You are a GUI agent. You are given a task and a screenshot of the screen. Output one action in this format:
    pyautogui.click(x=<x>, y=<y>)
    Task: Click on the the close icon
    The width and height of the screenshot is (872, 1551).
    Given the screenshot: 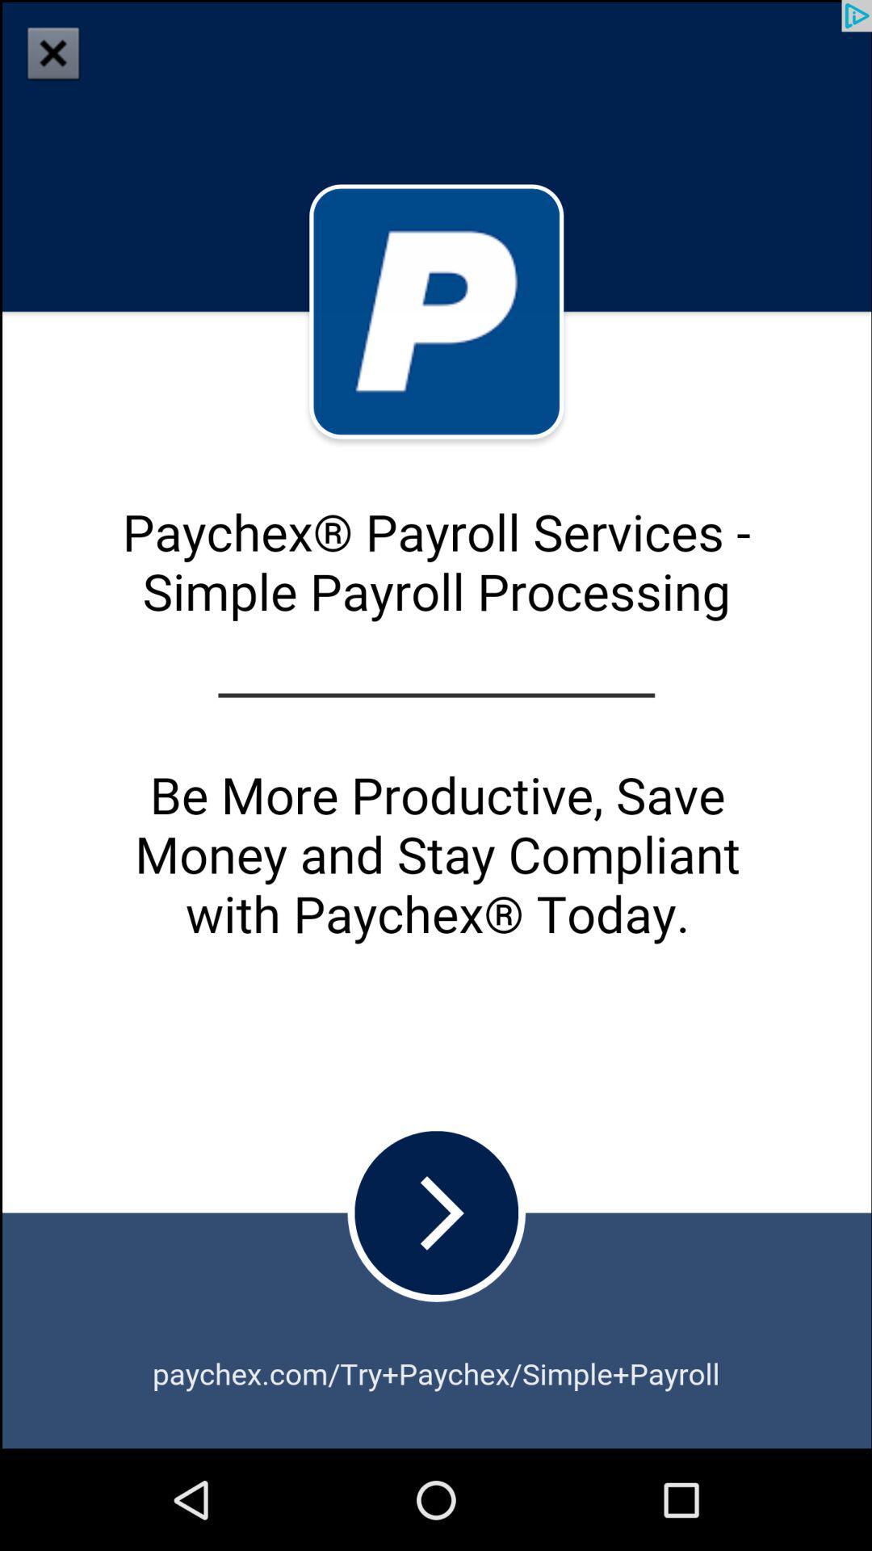 What is the action you would take?
    pyautogui.click(x=52, y=57)
    